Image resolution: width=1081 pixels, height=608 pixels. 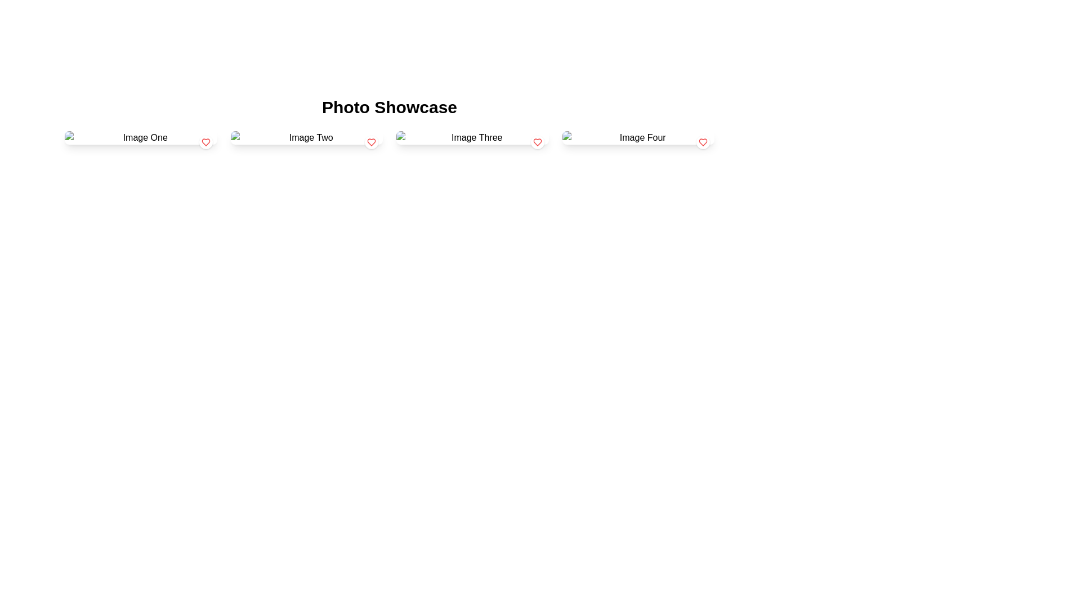 What do you see at coordinates (472, 137) in the screenshot?
I see `the composite UI component comprising an image thumbnail with rounded corners, descriptive text 'Image Three', and an interactive heart-shaped icon` at bounding box center [472, 137].